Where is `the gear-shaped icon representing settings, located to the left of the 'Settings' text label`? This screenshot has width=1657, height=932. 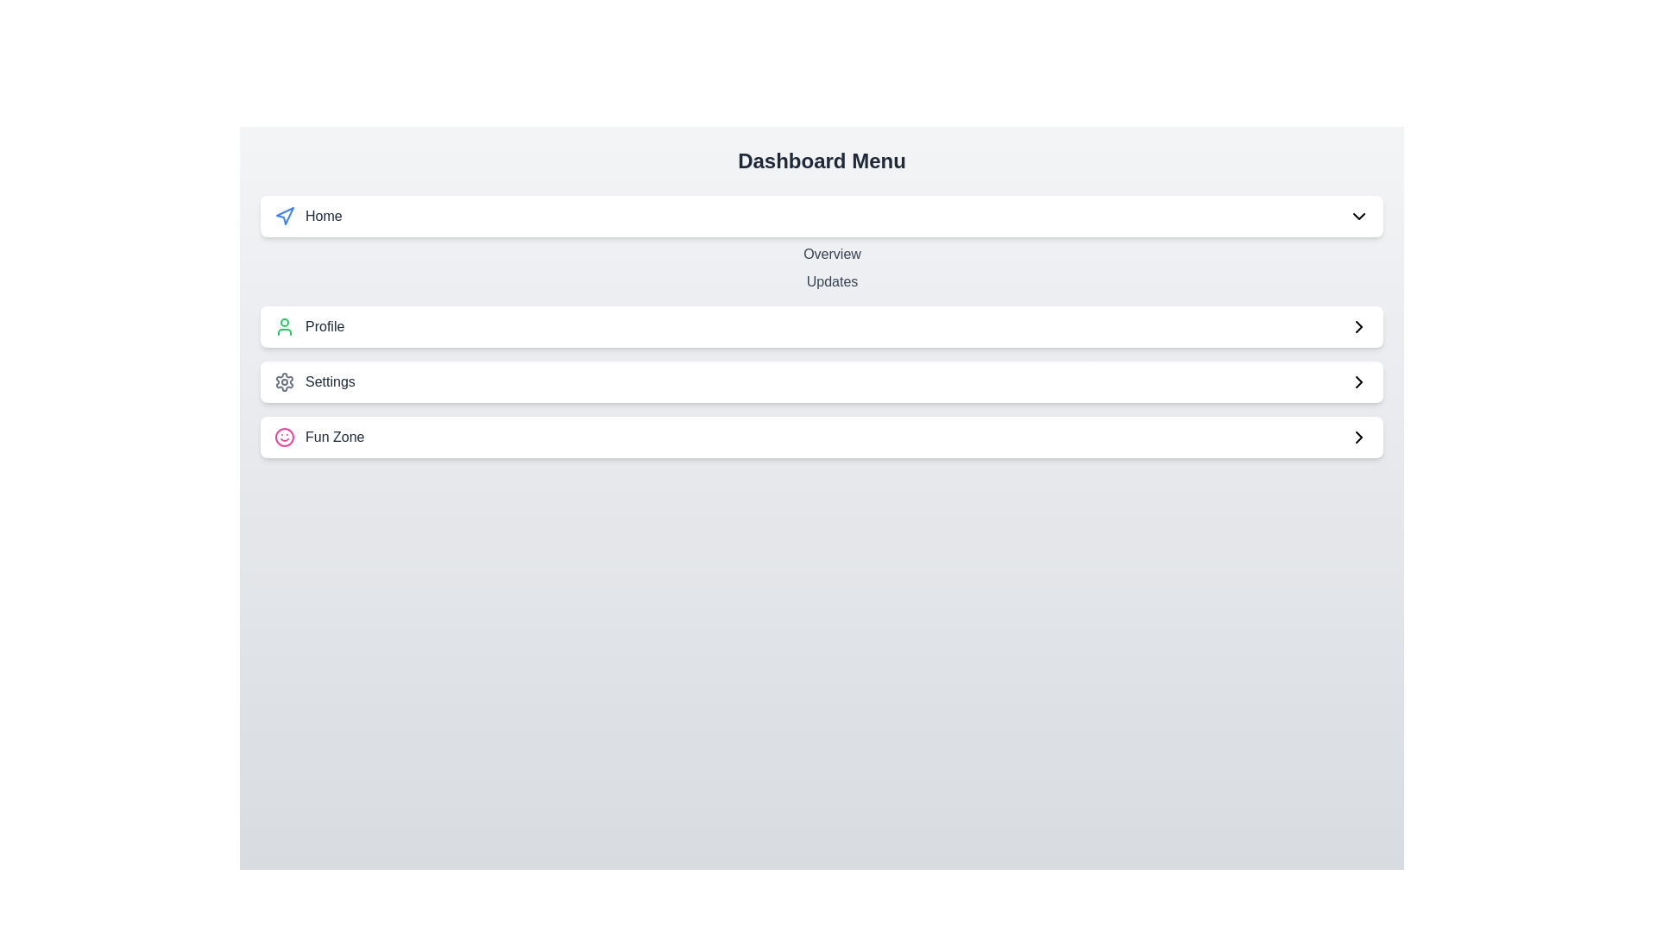 the gear-shaped icon representing settings, located to the left of the 'Settings' text label is located at coordinates (285, 381).